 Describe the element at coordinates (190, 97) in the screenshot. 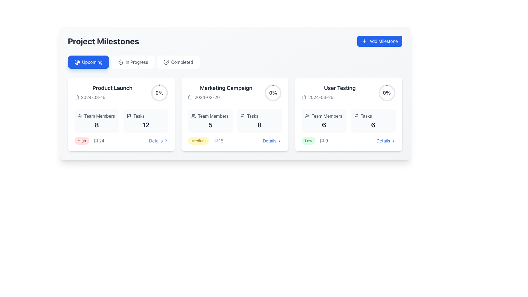

I see `the calendar icon located to the left of the date text '2024-03-20' in the second card from the left` at that location.